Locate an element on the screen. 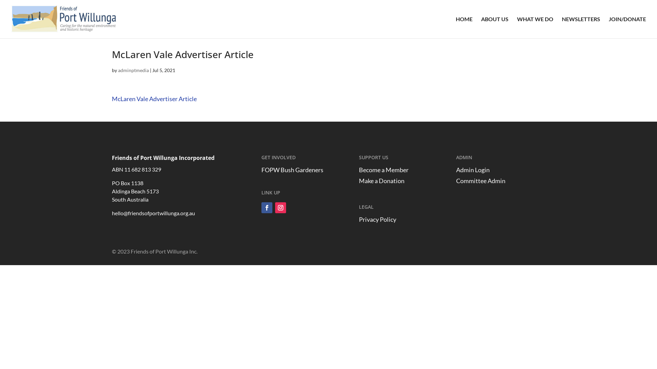  'FOPW Bush Gardeners' is located at coordinates (292, 169).